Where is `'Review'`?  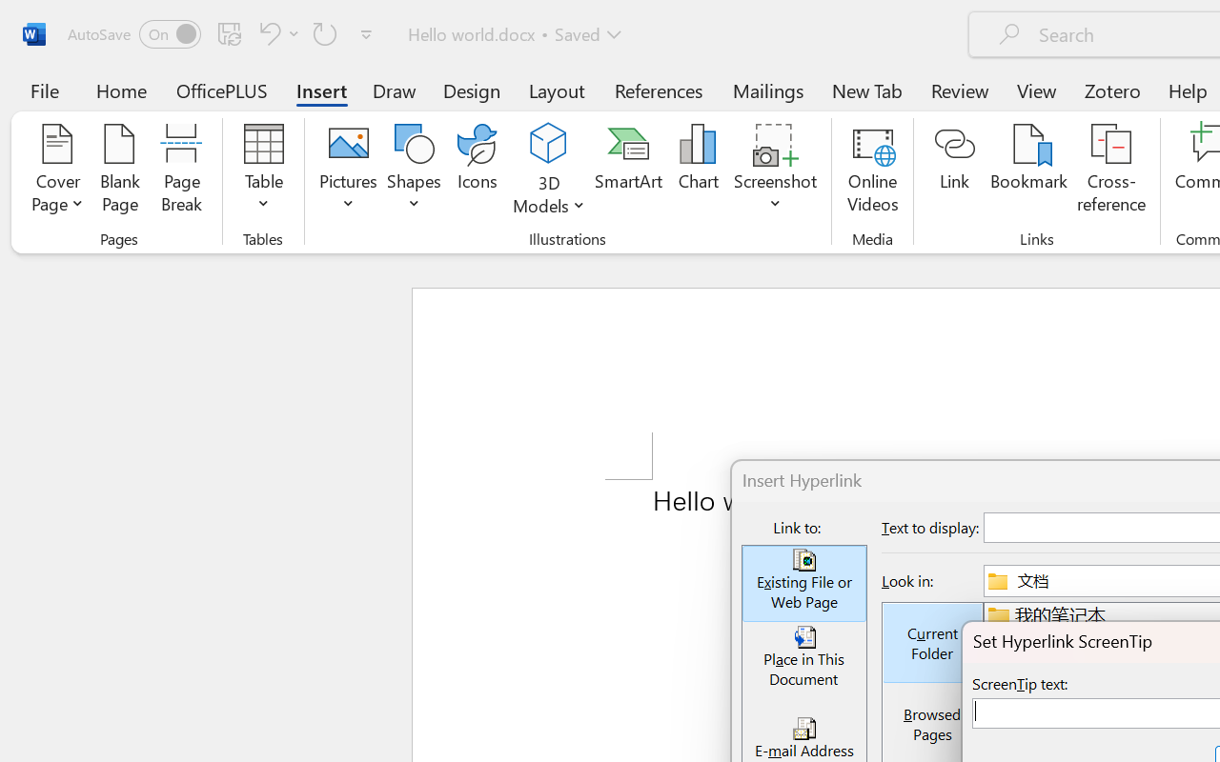
'Review' is located at coordinates (960, 90).